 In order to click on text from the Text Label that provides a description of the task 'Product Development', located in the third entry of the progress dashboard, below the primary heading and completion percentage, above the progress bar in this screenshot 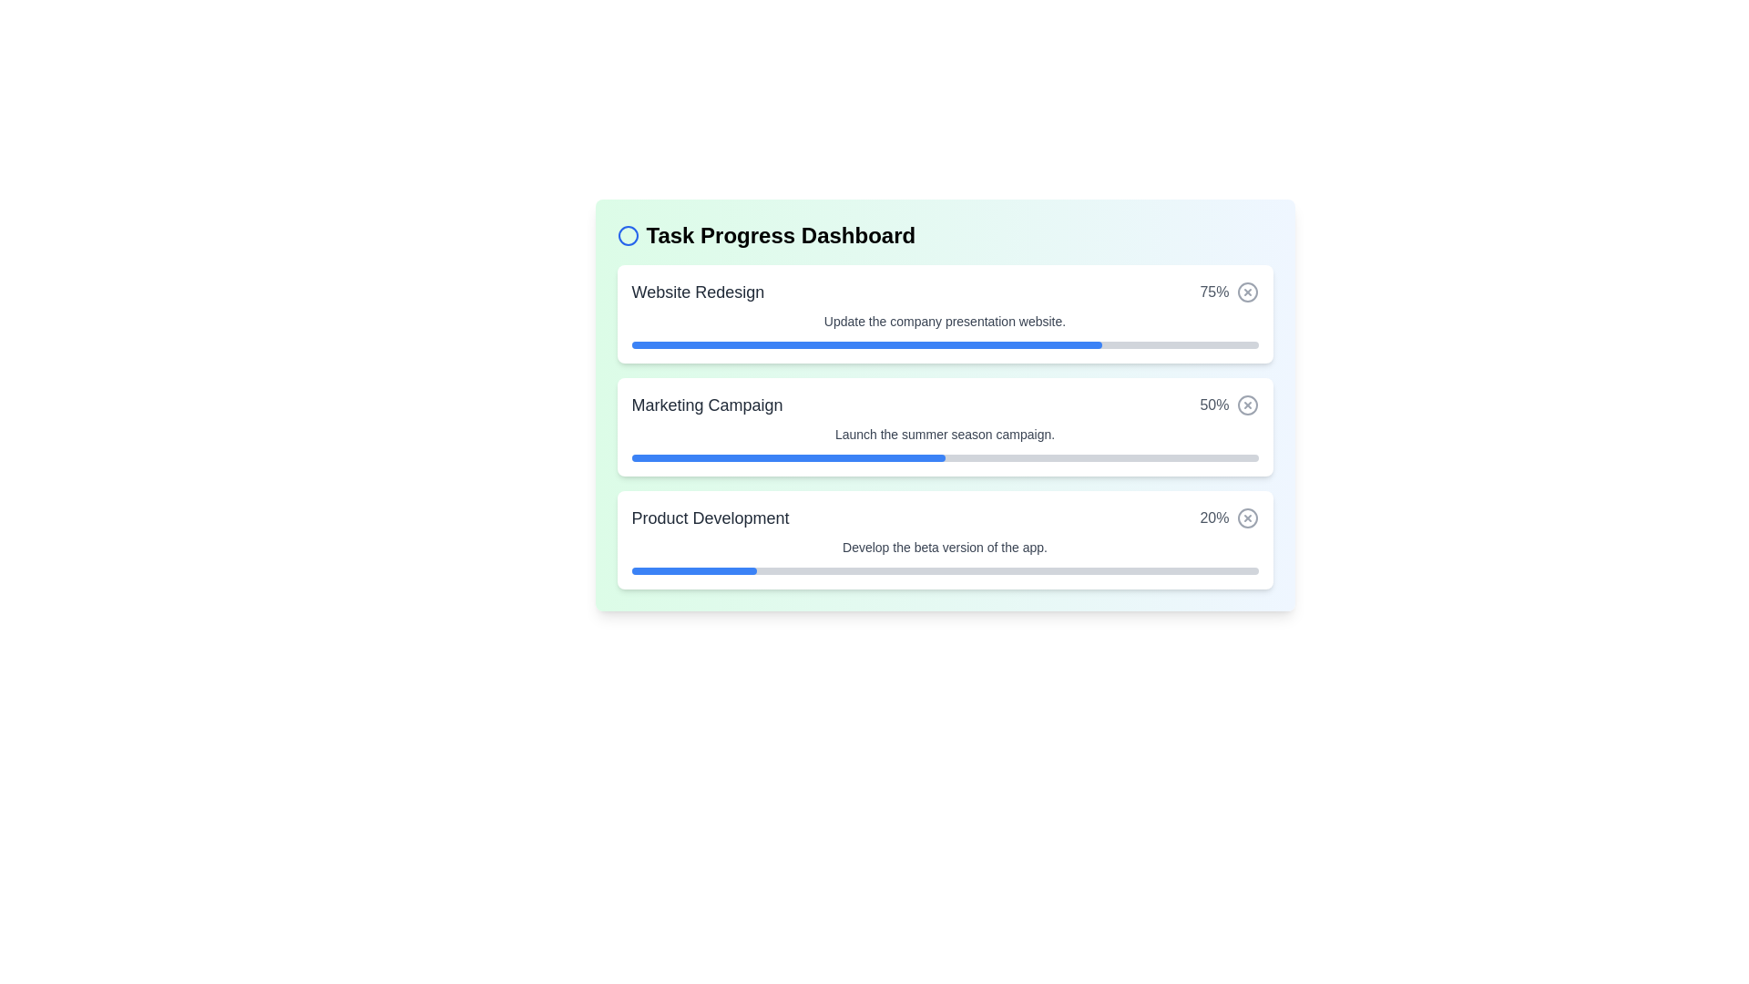, I will do `click(945, 547)`.